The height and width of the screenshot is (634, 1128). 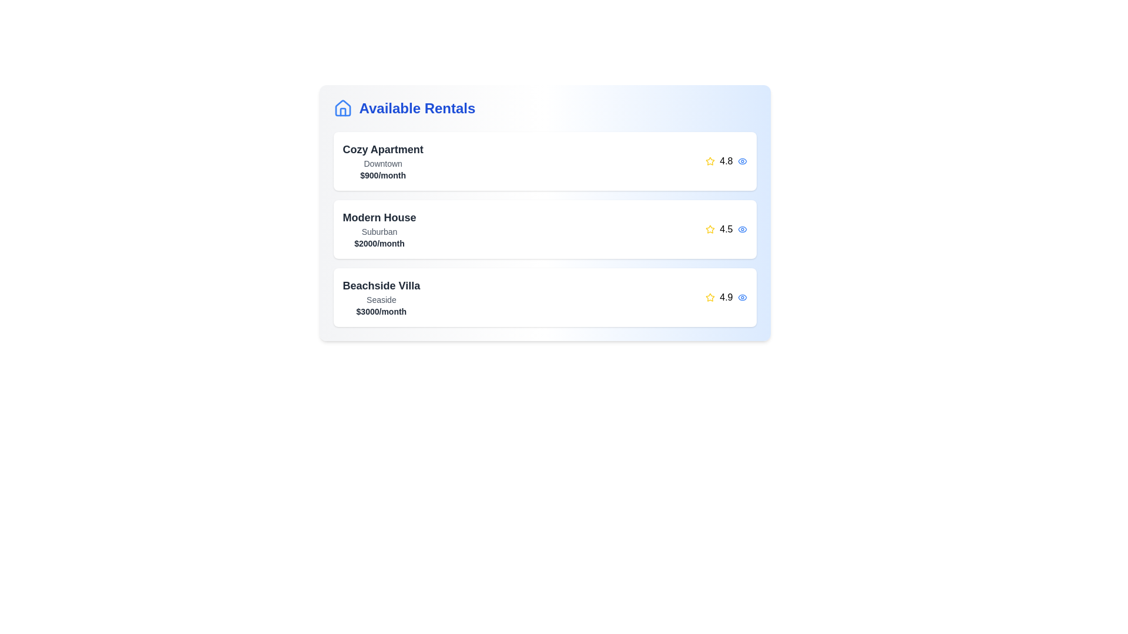 I want to click on the eye icon for the rental listing corresponding to Beachside Villa, so click(x=741, y=296).